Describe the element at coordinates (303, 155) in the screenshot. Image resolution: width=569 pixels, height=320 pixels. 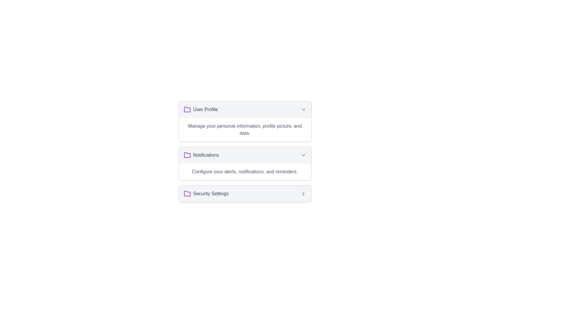
I see `the downward-facing chevron icon on the right side of the 'Notifications' section` at that location.